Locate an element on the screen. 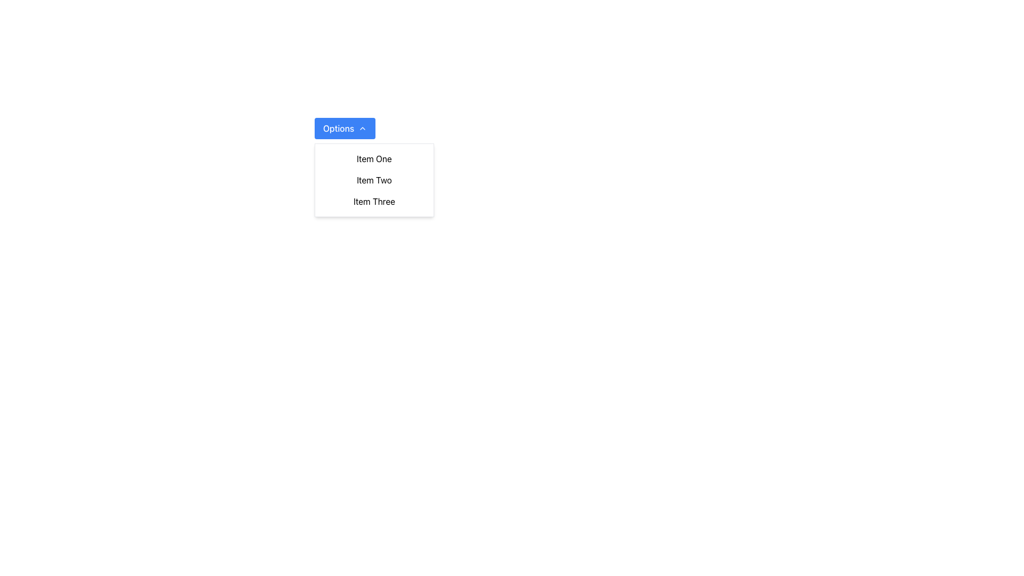 The width and height of the screenshot is (1024, 576). the upward-pointing chevron icon located to the right of the 'Options' text within the blue button is located at coordinates (363, 127).